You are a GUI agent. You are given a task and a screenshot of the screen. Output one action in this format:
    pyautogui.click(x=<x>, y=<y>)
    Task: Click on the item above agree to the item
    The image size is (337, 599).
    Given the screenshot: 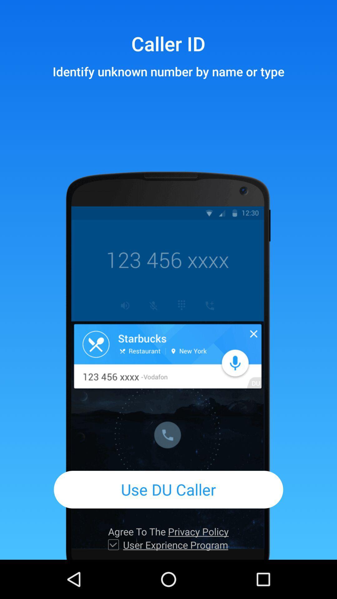 What is the action you would take?
    pyautogui.click(x=168, y=489)
    